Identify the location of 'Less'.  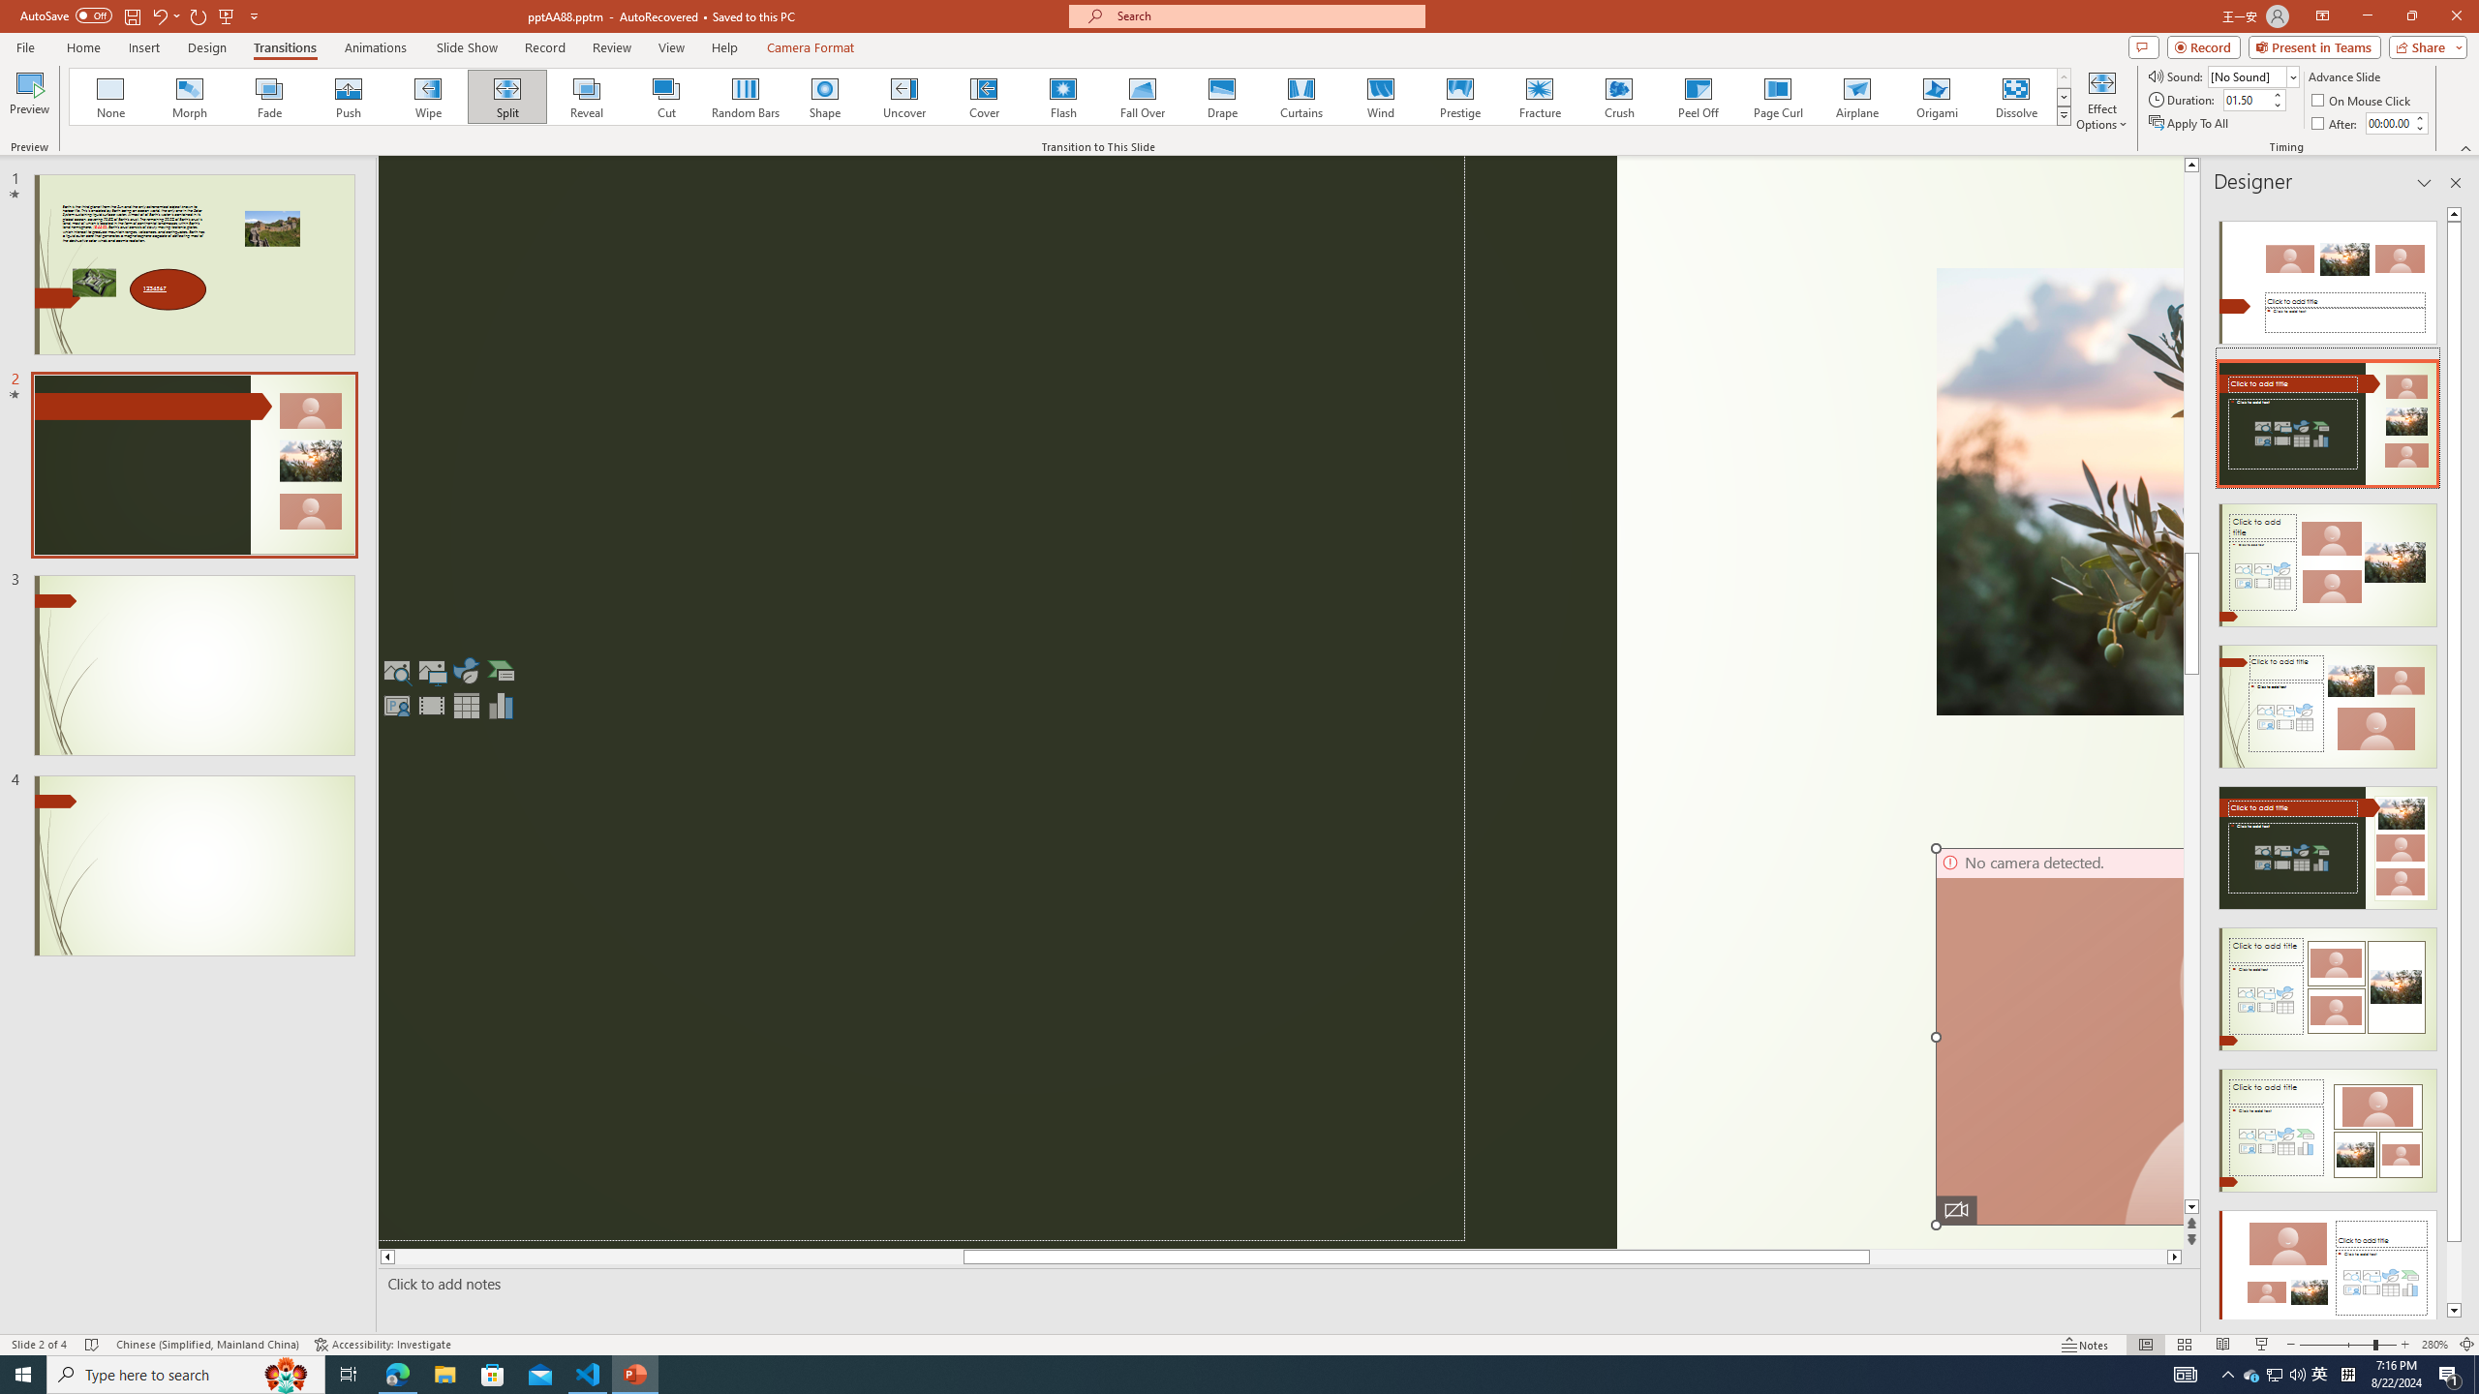
(2419, 127).